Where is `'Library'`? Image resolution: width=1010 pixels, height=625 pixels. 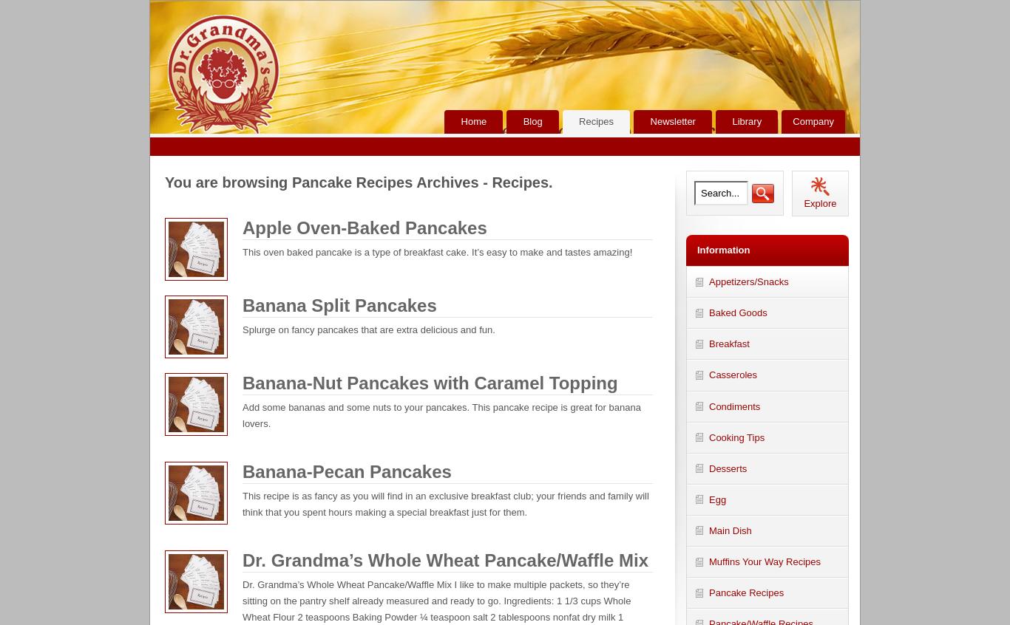 'Library' is located at coordinates (747, 120).